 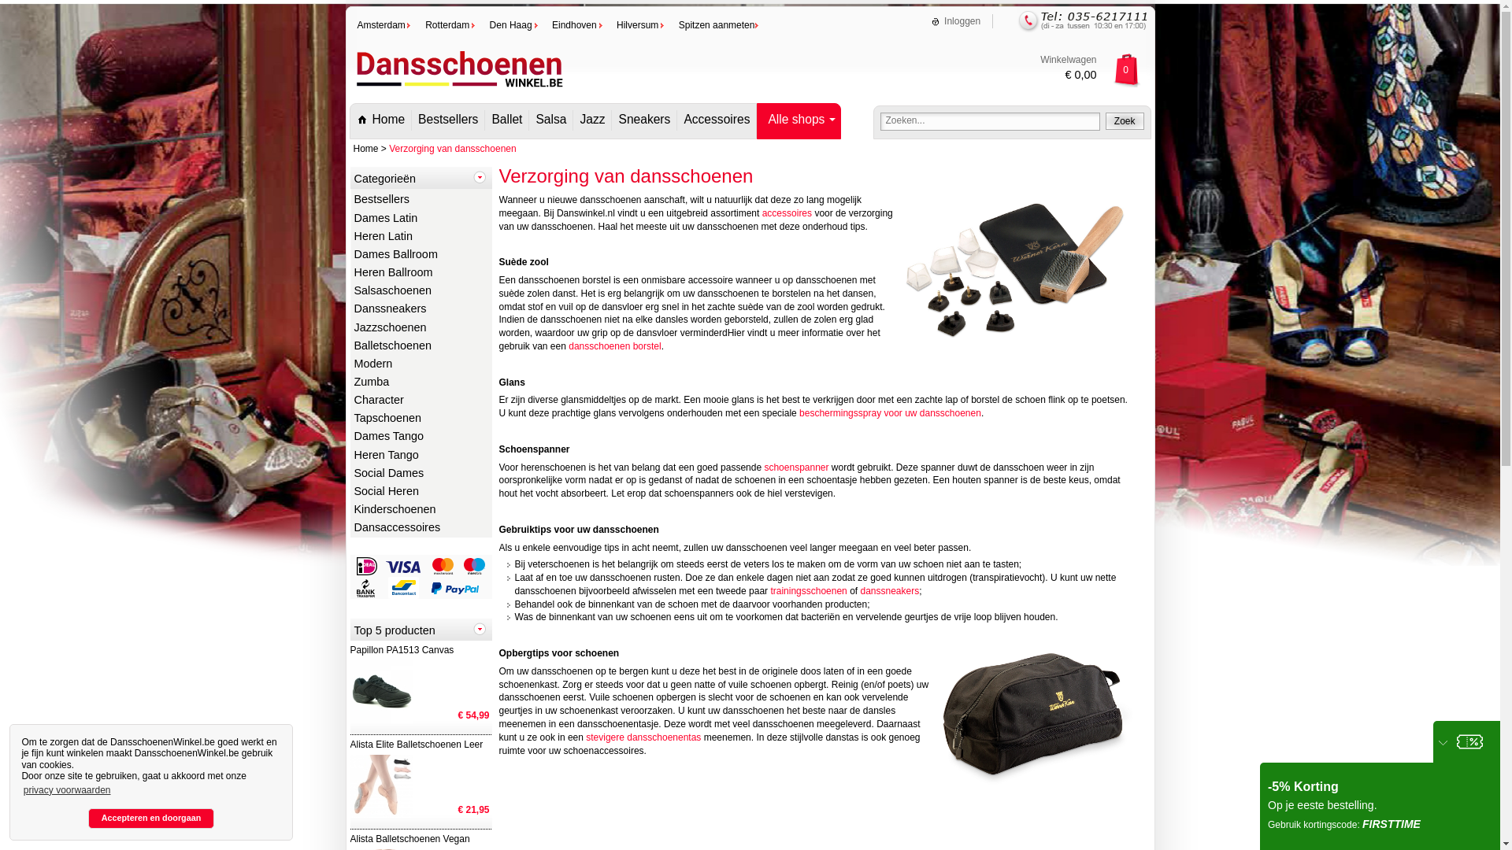 What do you see at coordinates (420, 528) in the screenshot?
I see `'Dansaccessoires'` at bounding box center [420, 528].